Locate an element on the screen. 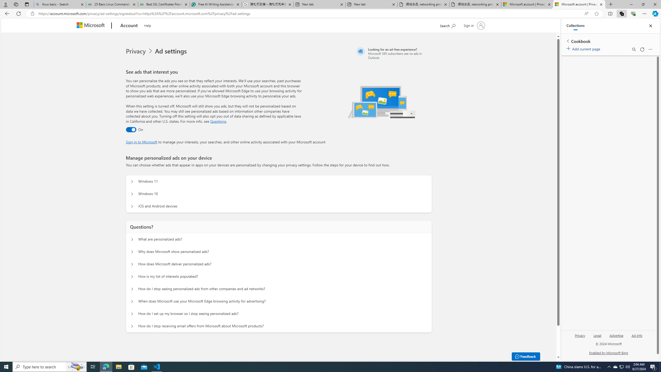 The width and height of the screenshot is (661, 372). '25 Basic Linux Commands For Beginners - GeeksforGeeks' is located at coordinates (112, 4).